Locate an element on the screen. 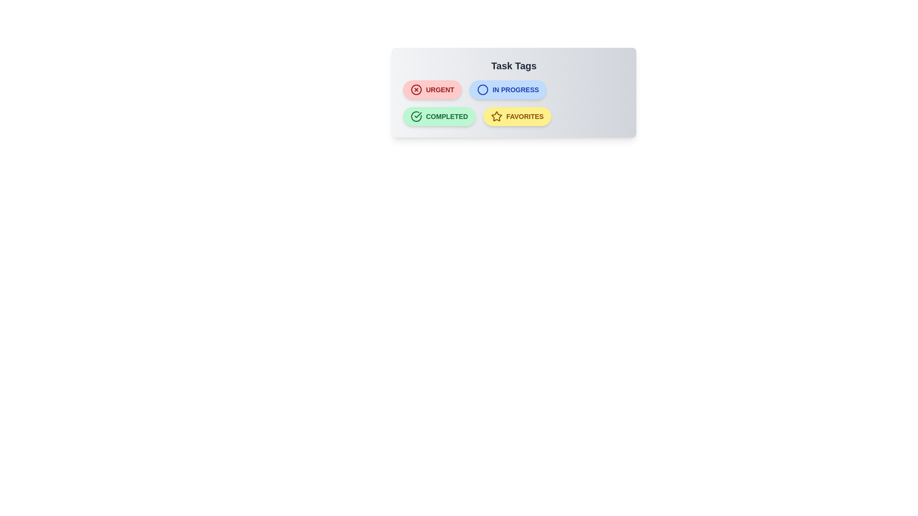 The image size is (918, 516). the tag In Progress is located at coordinates (507, 90).